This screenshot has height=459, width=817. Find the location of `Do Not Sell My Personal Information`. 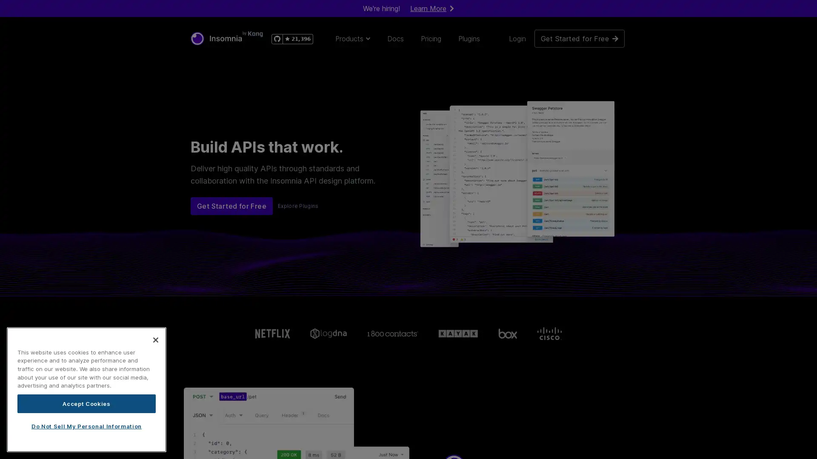

Do Not Sell My Personal Information is located at coordinates (86, 426).